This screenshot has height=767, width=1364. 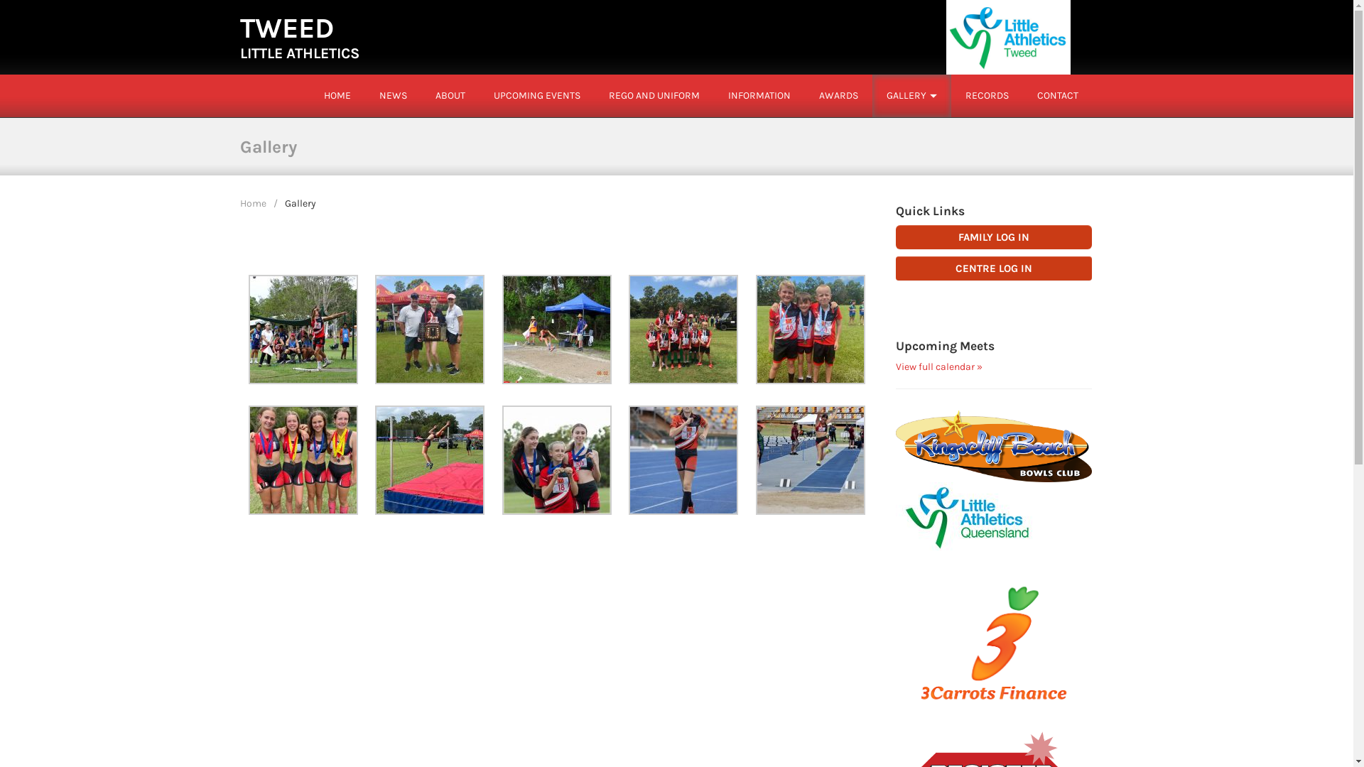 I want to click on 'FAMILY LOG IN', so click(x=993, y=236).